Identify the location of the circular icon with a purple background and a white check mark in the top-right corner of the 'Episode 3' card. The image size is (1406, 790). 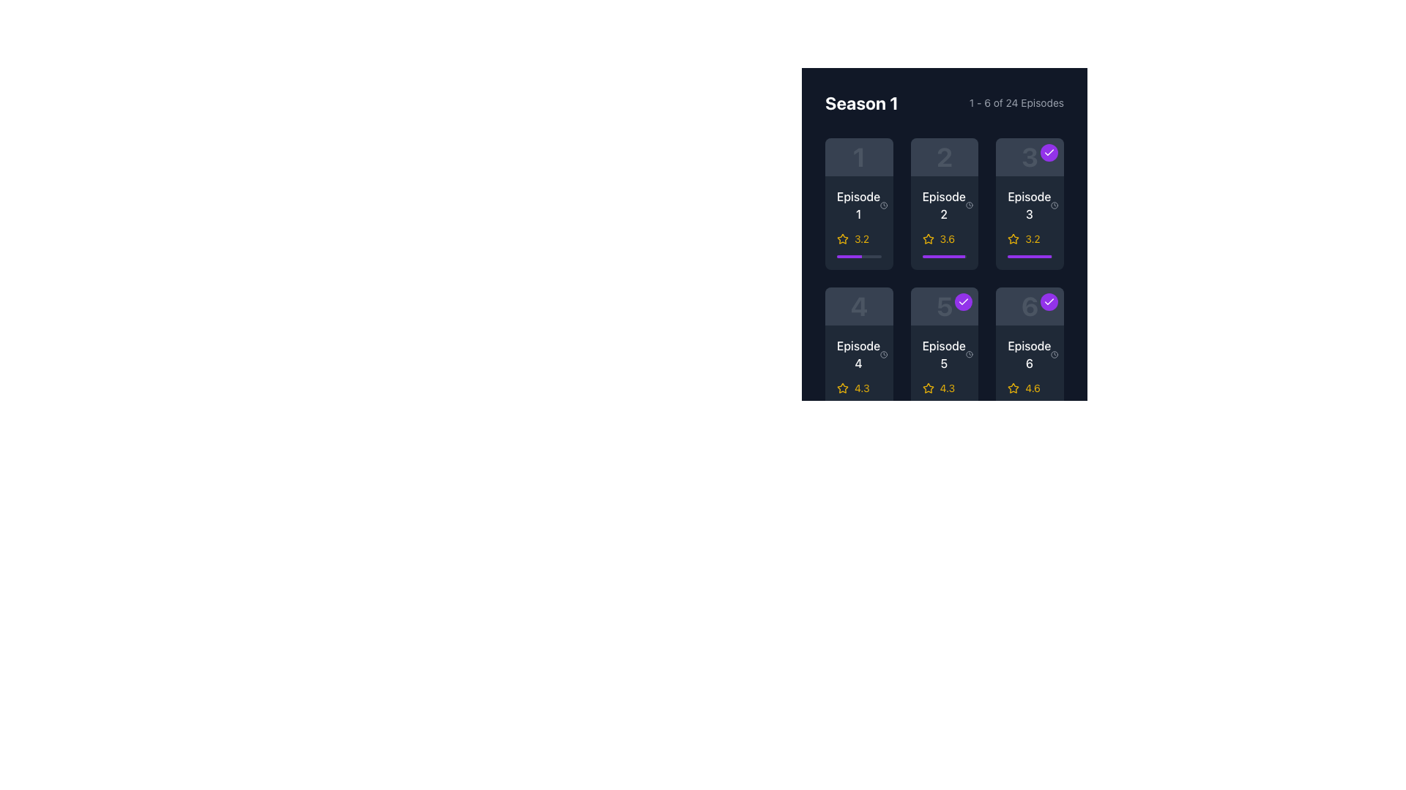
(1048, 152).